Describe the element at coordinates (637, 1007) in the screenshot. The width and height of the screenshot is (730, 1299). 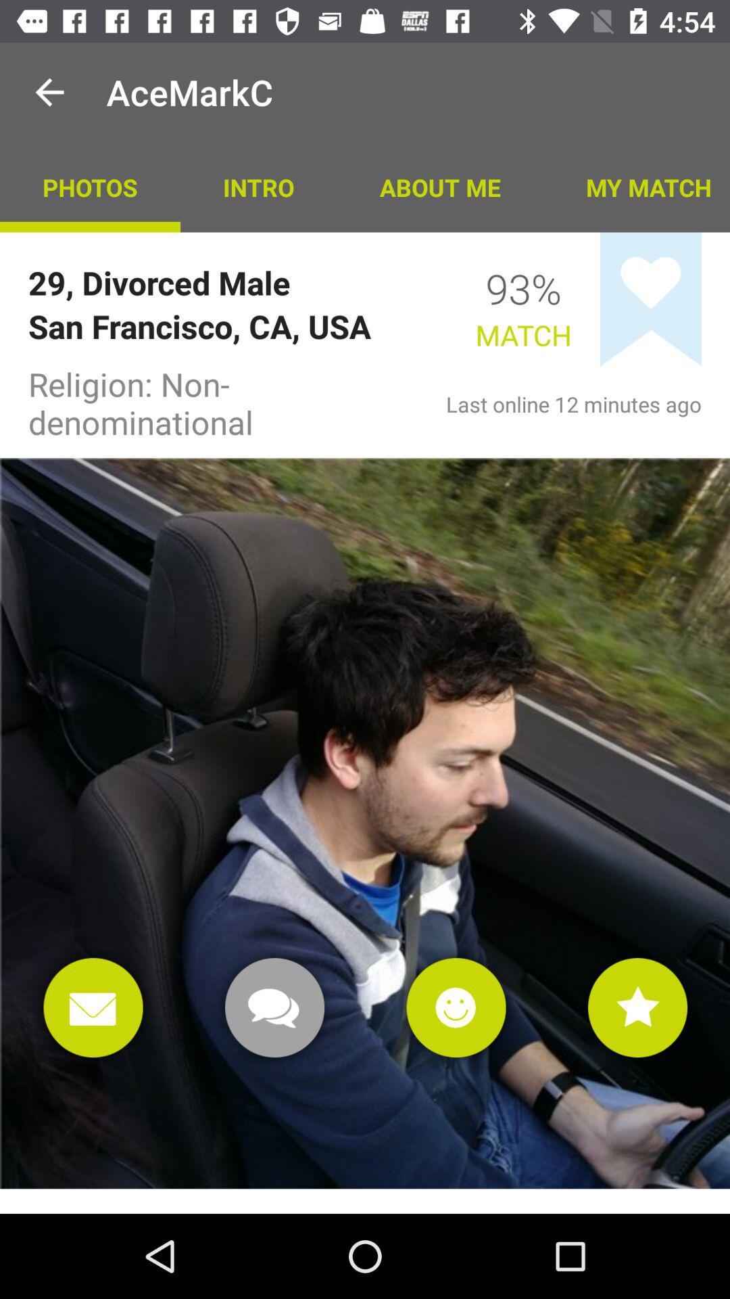
I see `mark as important` at that location.